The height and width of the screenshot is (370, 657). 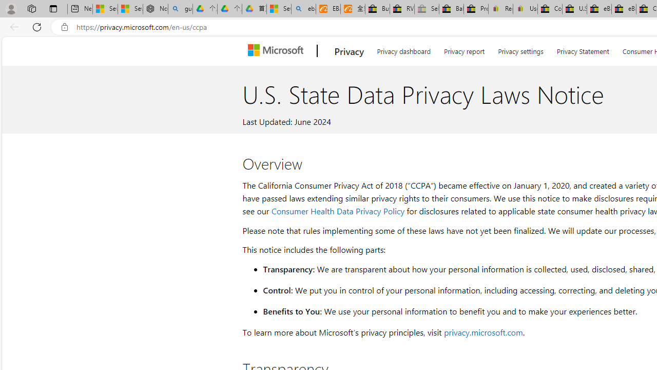 What do you see at coordinates (583, 49) in the screenshot?
I see `'Privacy Statement'` at bounding box center [583, 49].